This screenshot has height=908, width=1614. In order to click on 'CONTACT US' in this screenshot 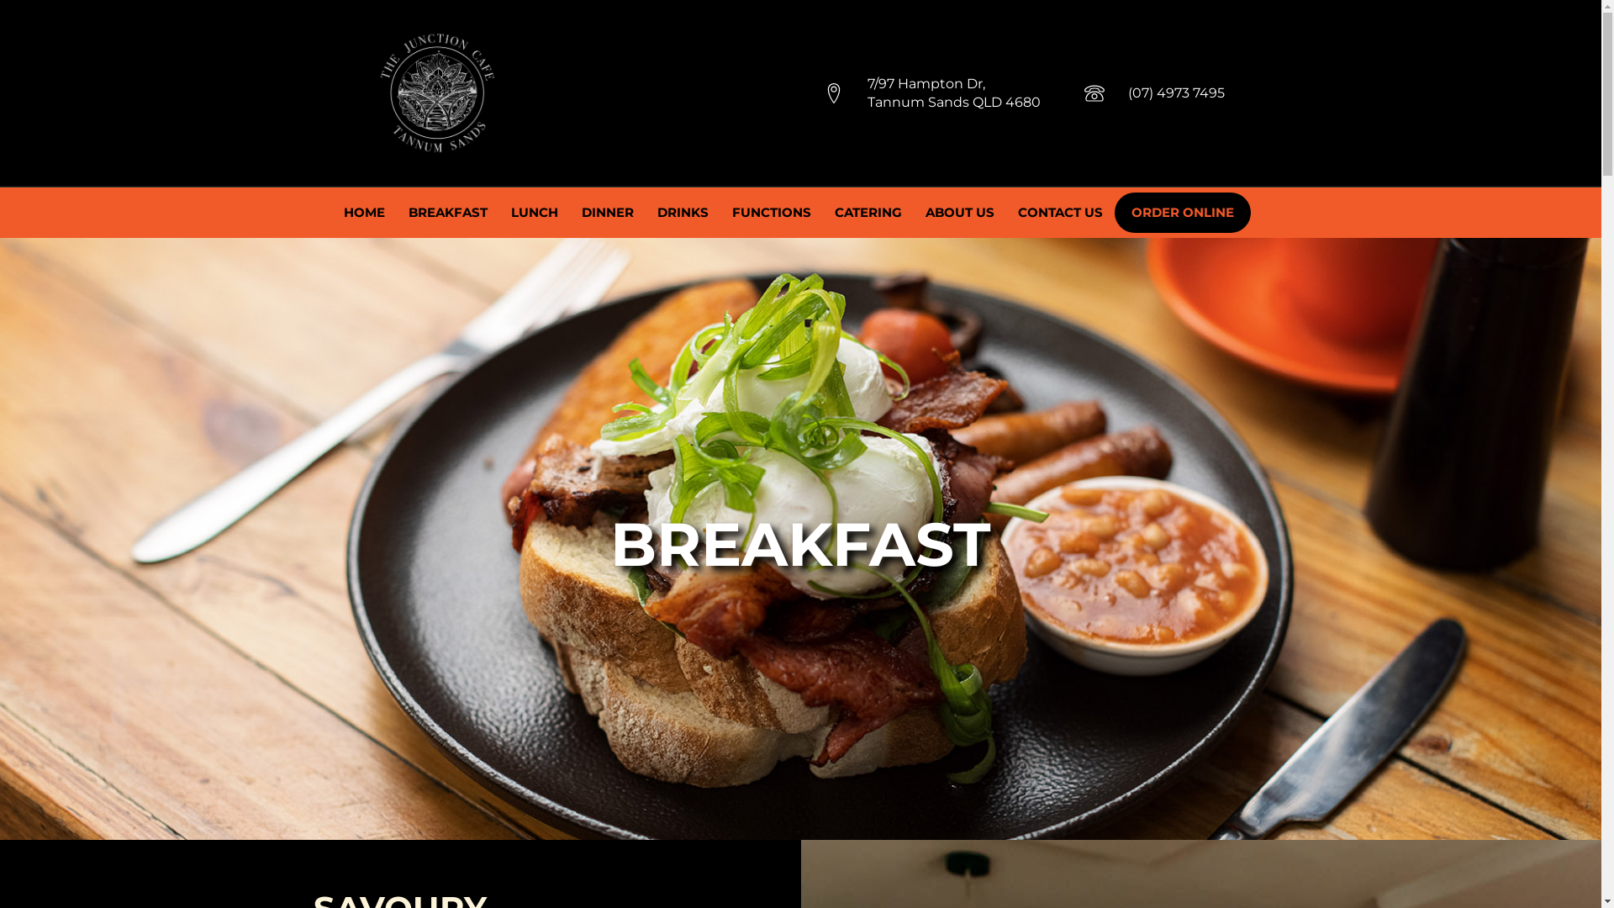, I will do `click(1058, 212)`.